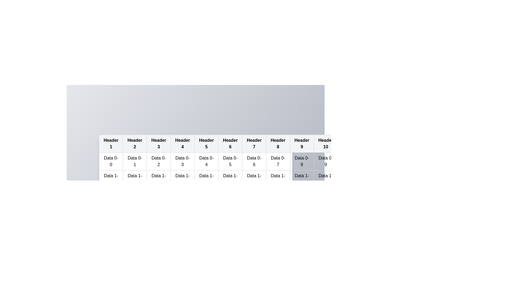  I want to click on the cell labeled 'Data 0-8' to open the context menu, so click(302, 161).